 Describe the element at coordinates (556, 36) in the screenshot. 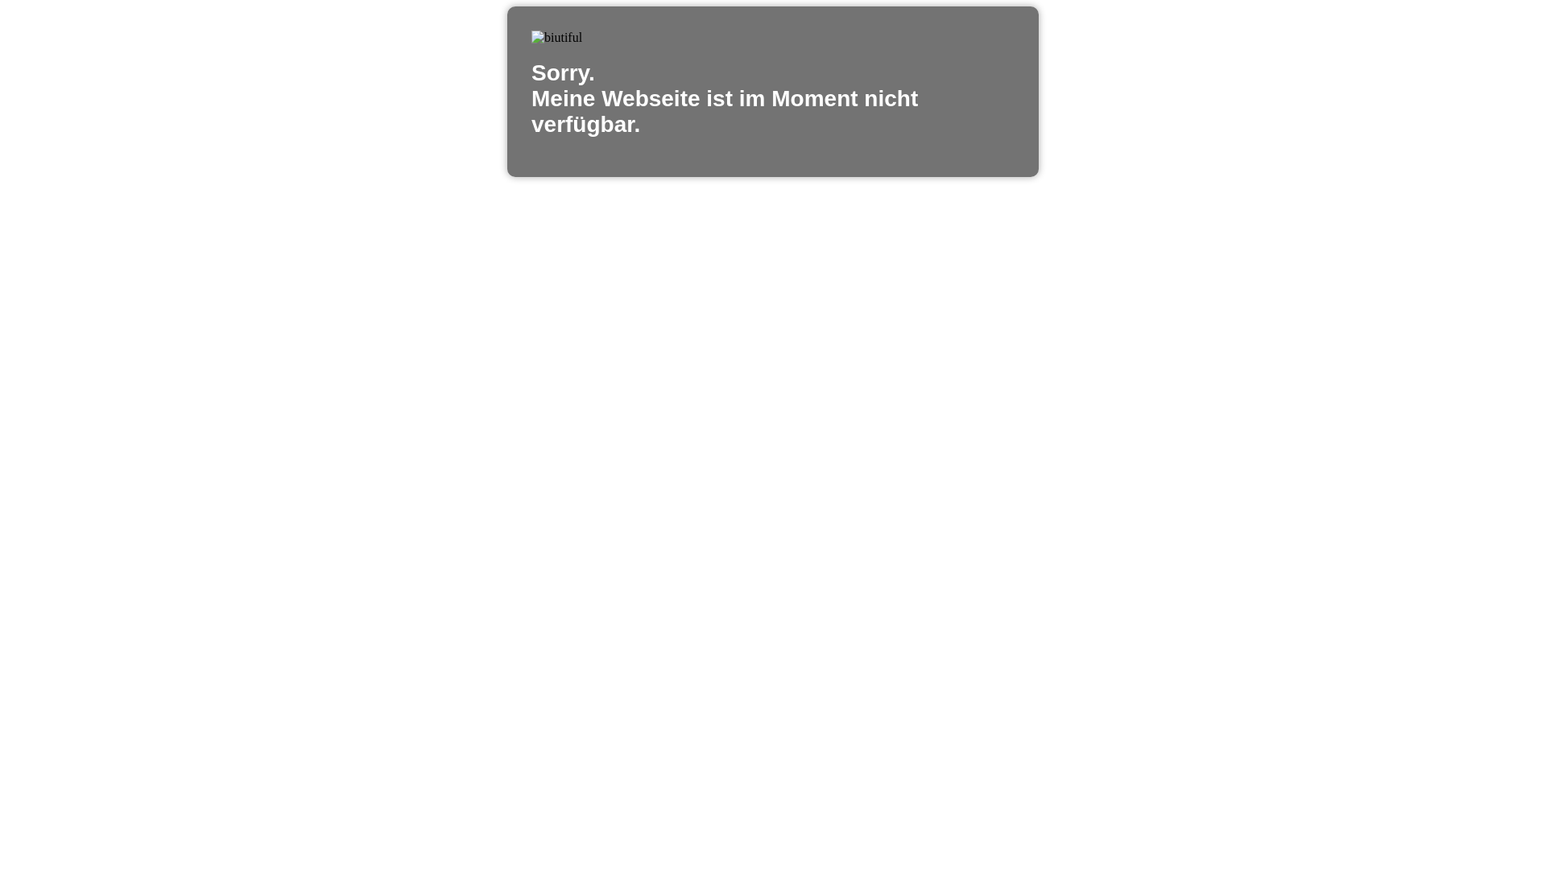

I see `'biutiful'` at that location.